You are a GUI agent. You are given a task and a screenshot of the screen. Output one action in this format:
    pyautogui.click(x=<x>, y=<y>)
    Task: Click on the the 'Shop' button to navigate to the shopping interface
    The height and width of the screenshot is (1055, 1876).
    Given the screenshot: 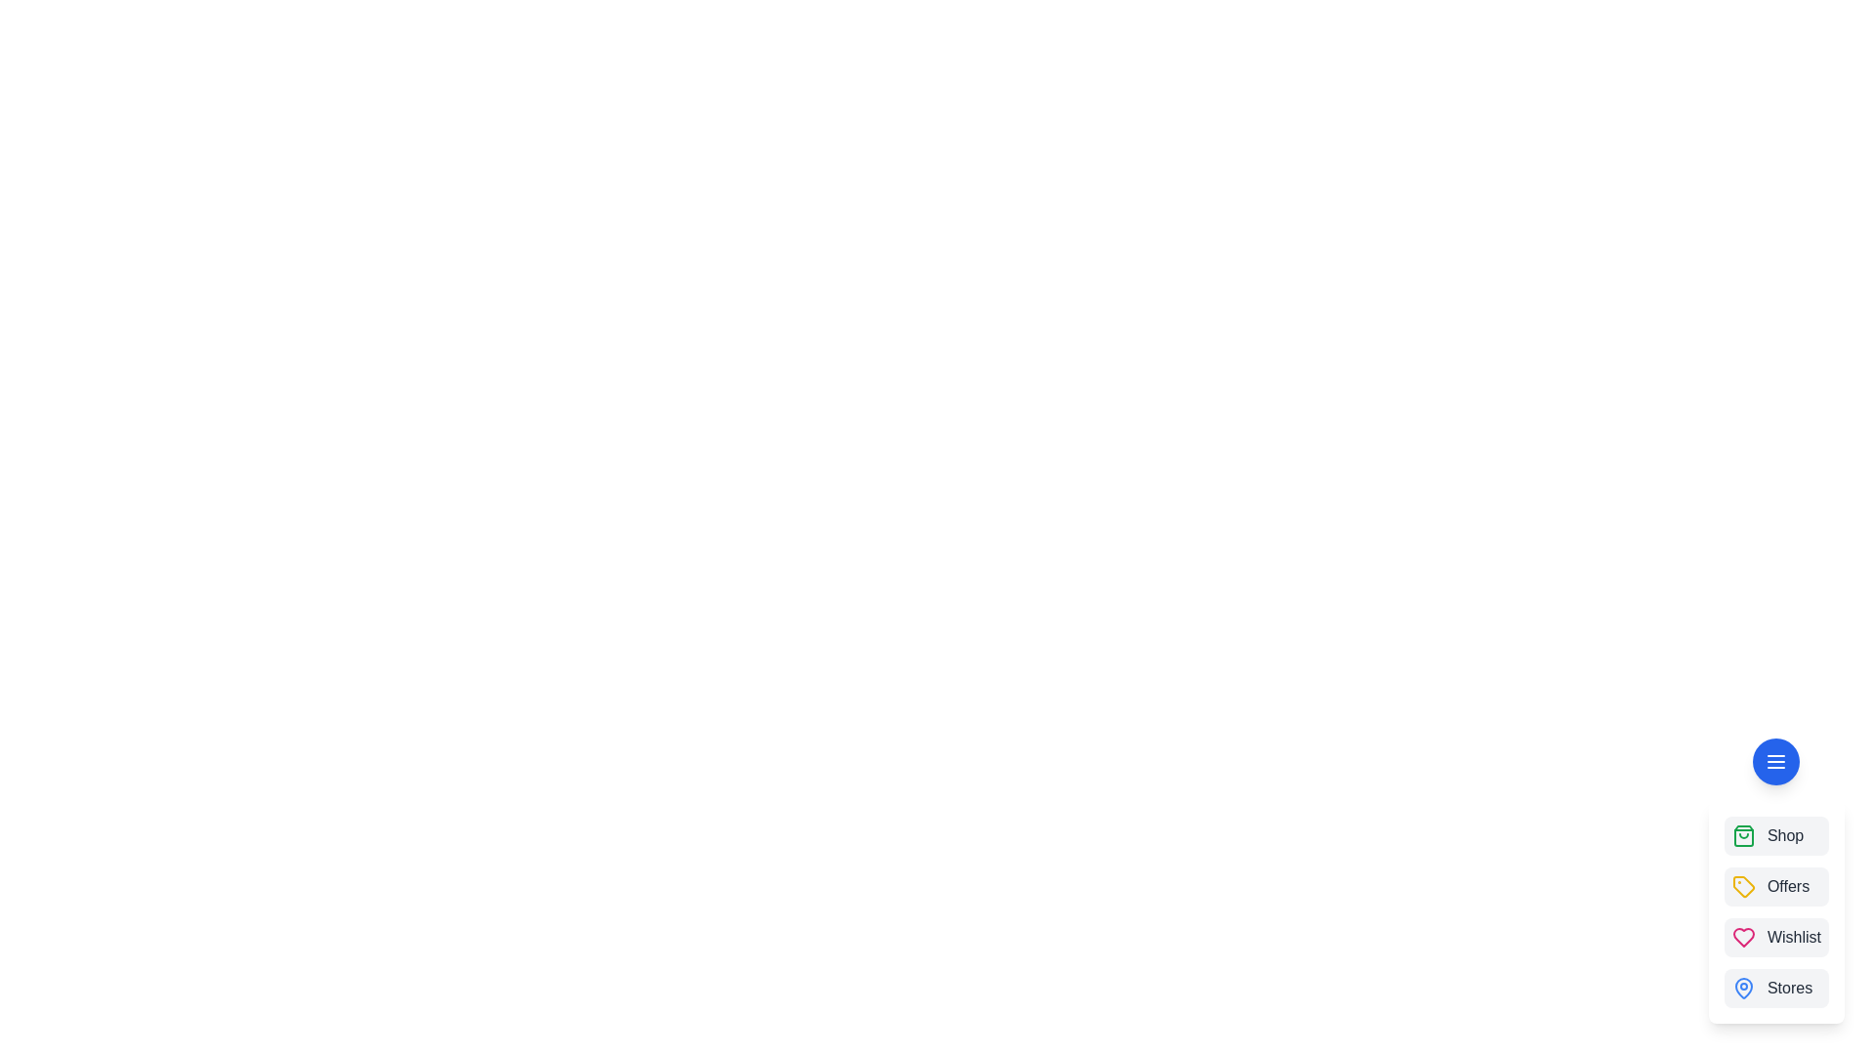 What is the action you would take?
    pyautogui.click(x=1776, y=835)
    